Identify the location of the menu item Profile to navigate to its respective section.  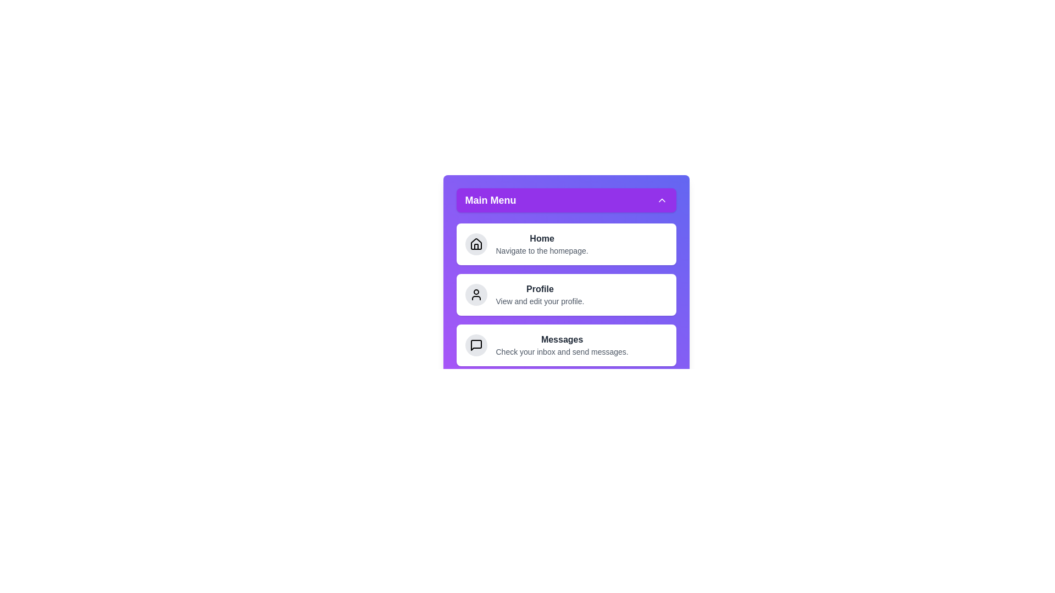
(566, 294).